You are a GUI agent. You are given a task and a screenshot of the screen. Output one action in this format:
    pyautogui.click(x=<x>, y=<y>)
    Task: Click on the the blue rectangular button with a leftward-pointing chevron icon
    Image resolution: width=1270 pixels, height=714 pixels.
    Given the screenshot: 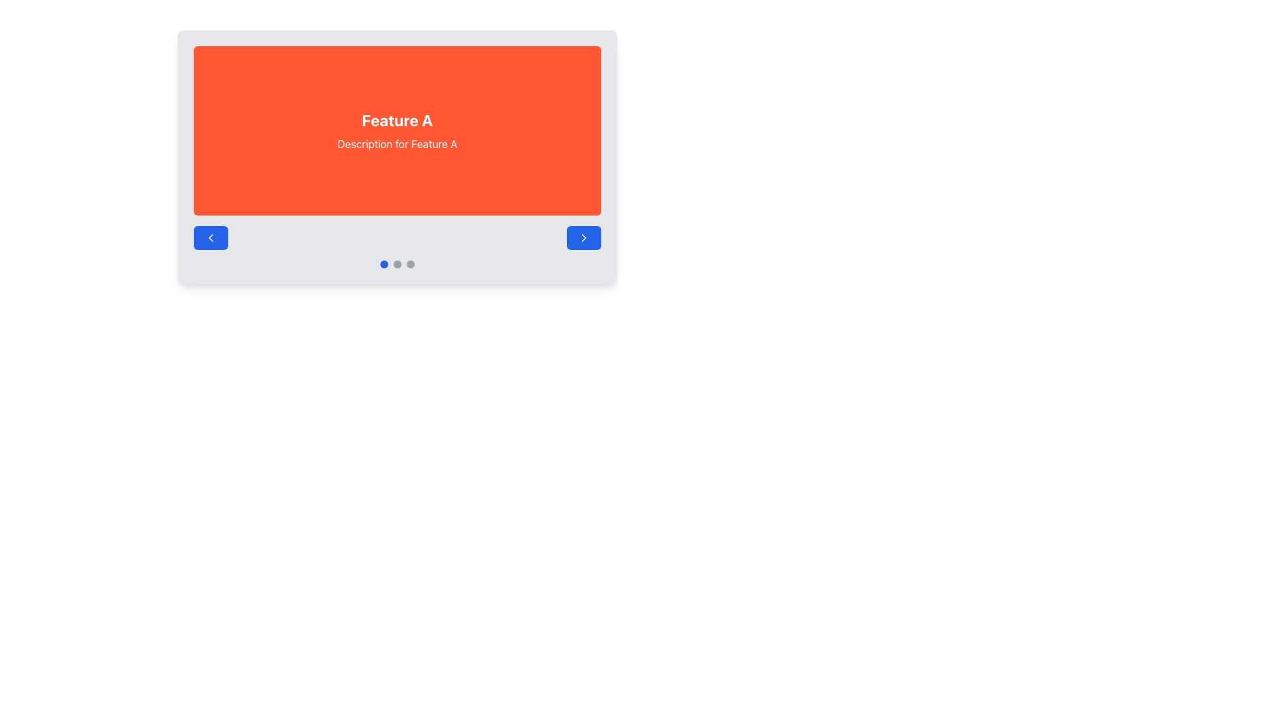 What is the action you would take?
    pyautogui.click(x=210, y=237)
    